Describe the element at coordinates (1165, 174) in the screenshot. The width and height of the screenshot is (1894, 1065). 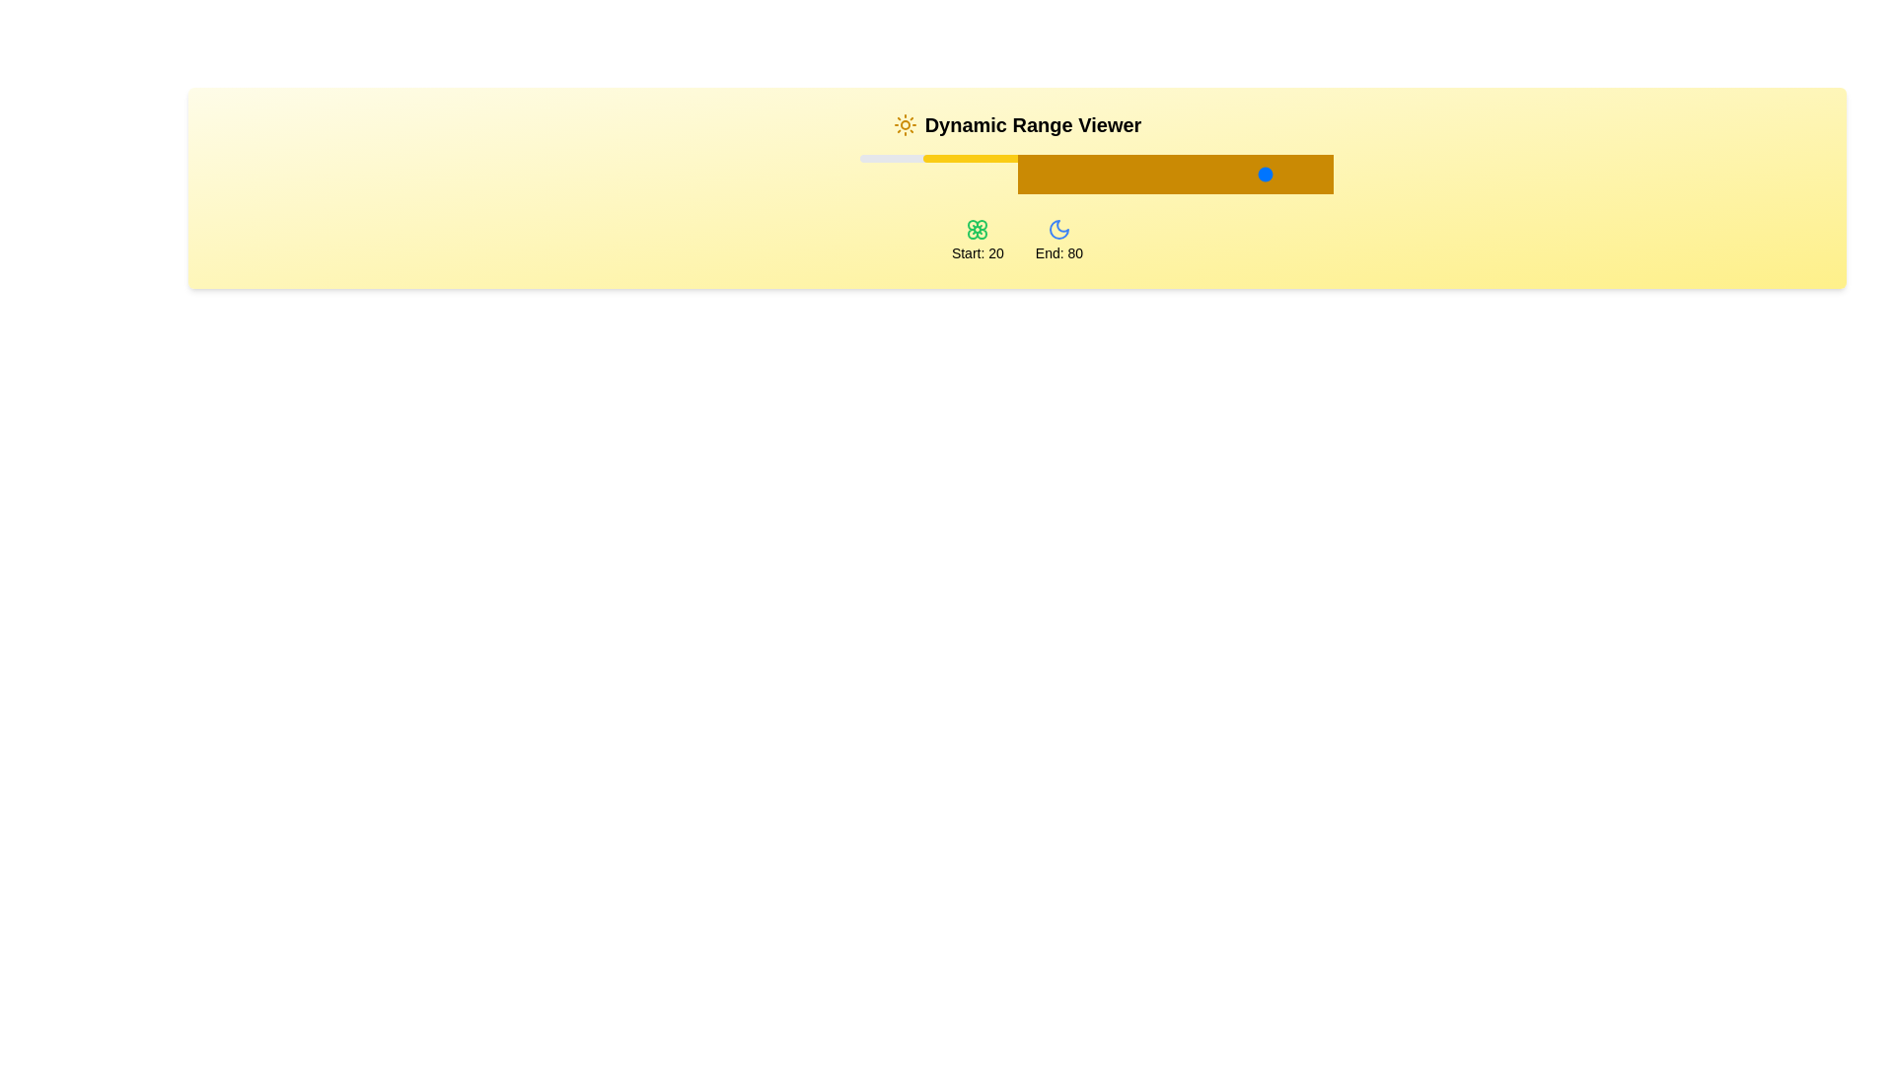
I see `the slider value` at that location.